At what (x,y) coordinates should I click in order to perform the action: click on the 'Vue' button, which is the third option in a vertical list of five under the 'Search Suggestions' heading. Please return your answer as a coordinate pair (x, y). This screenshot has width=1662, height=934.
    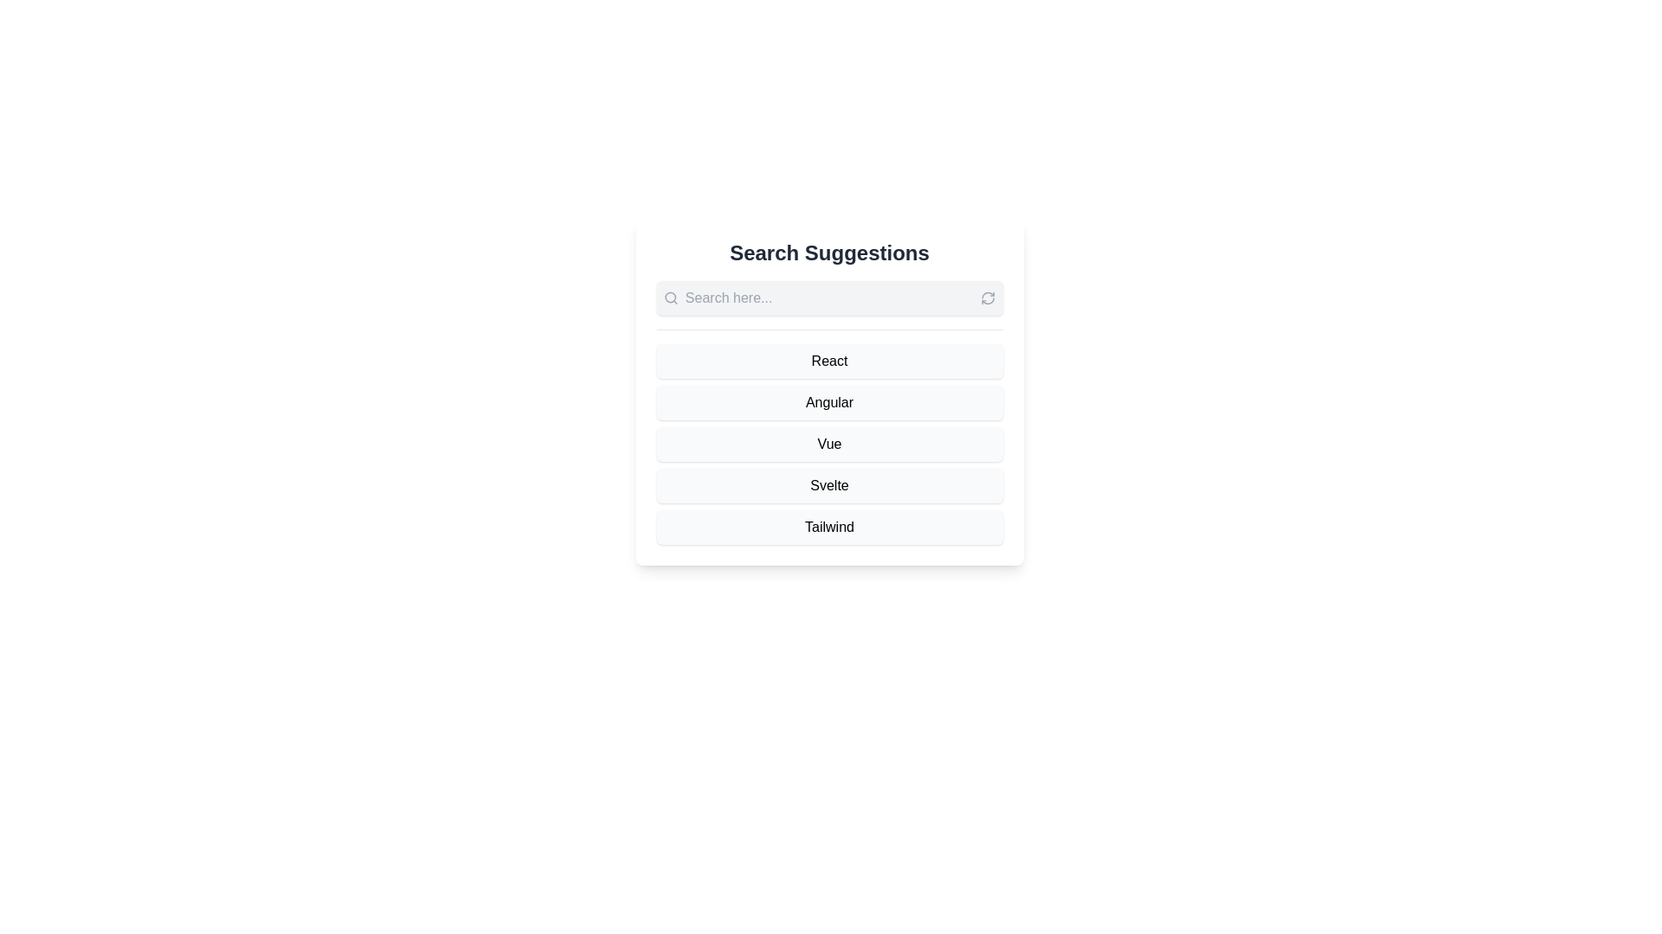
    Looking at the image, I should click on (828, 443).